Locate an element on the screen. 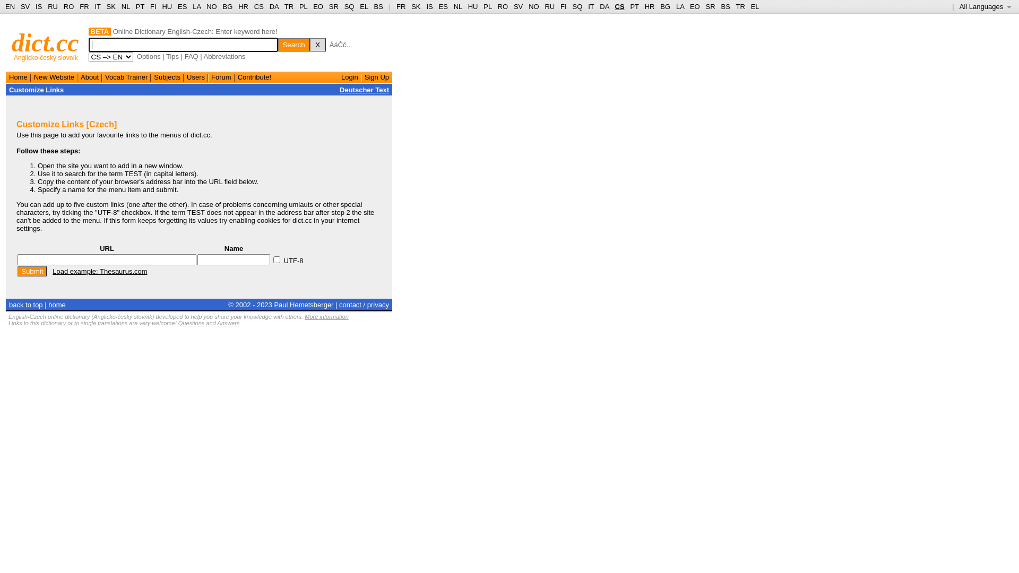 The width and height of the screenshot is (1019, 573). 'Sign Up' is located at coordinates (377, 76).